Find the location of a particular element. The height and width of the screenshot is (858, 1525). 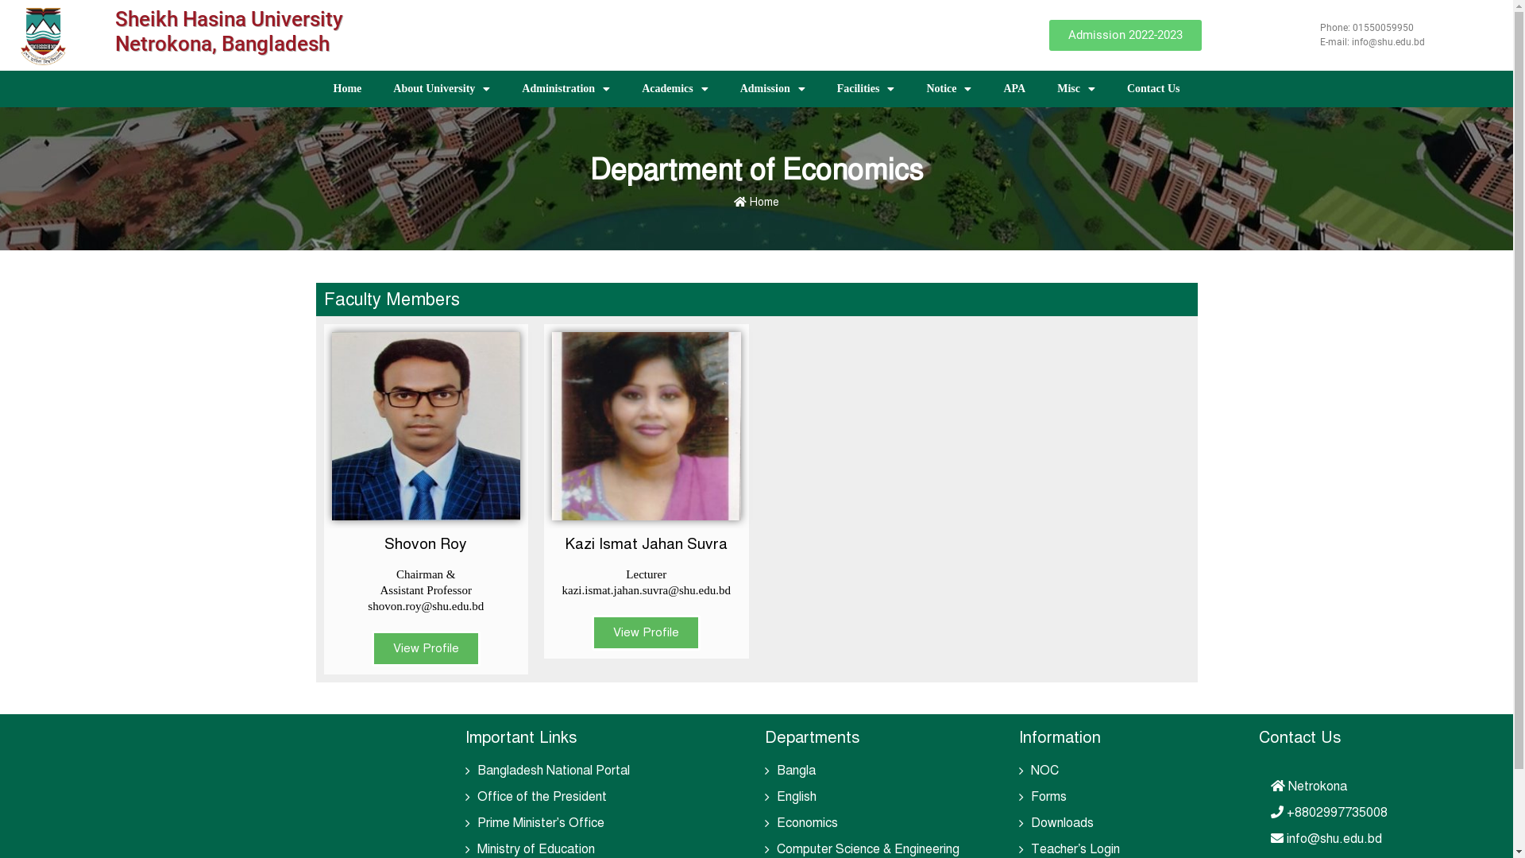

'View Profile' is located at coordinates (646, 632).